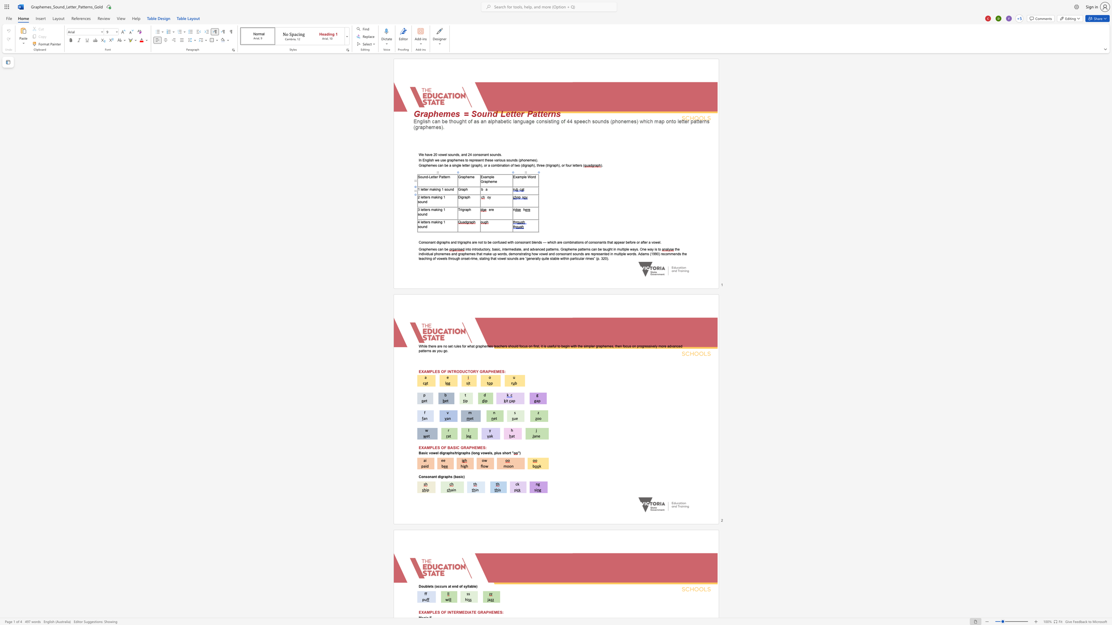 The width and height of the screenshot is (1112, 625). What do you see at coordinates (423, 197) in the screenshot?
I see `the 1th character "e" in the text` at bounding box center [423, 197].